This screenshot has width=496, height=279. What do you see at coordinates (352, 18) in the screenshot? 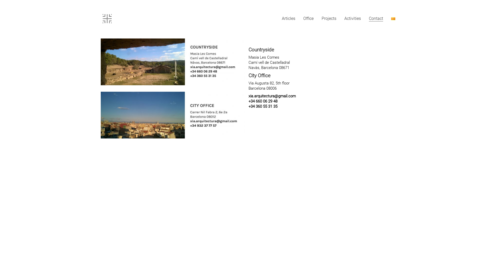
I see `'Activities'` at bounding box center [352, 18].